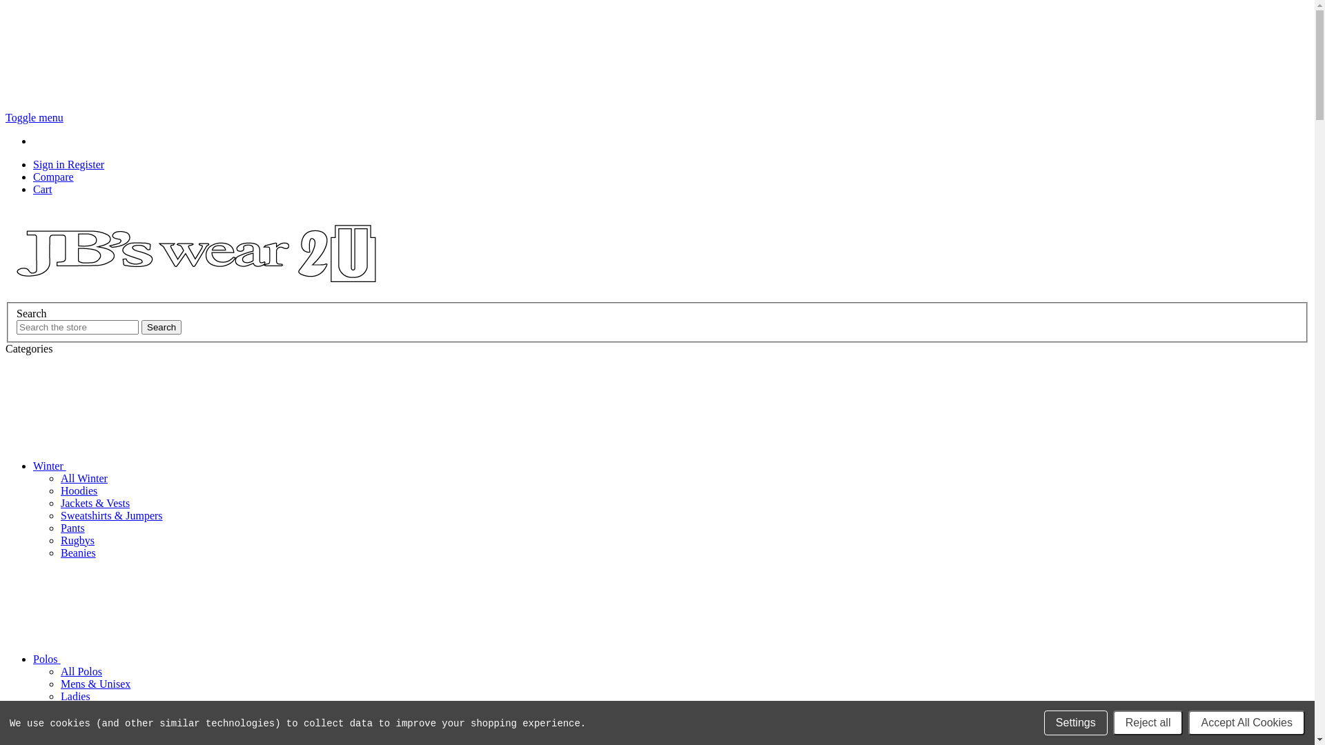  Describe the element at coordinates (1246, 722) in the screenshot. I see `'Accept All Cookies'` at that location.